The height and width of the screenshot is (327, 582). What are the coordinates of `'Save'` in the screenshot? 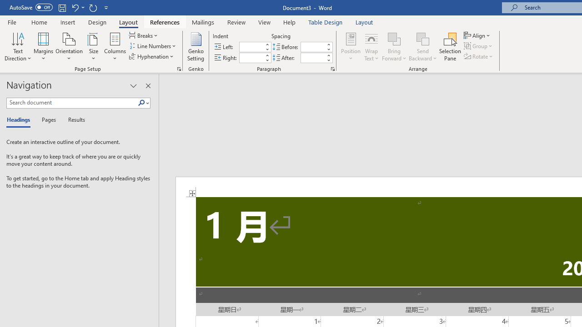 It's located at (61, 7).